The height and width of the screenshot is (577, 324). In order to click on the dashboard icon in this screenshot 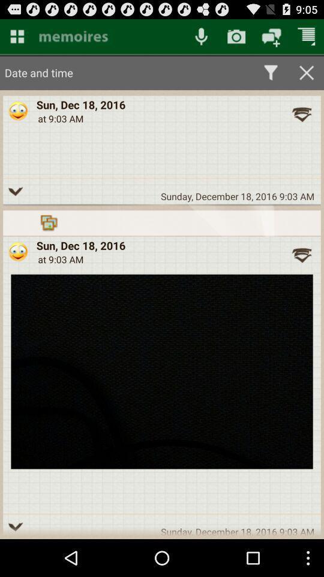, I will do `click(16, 38)`.